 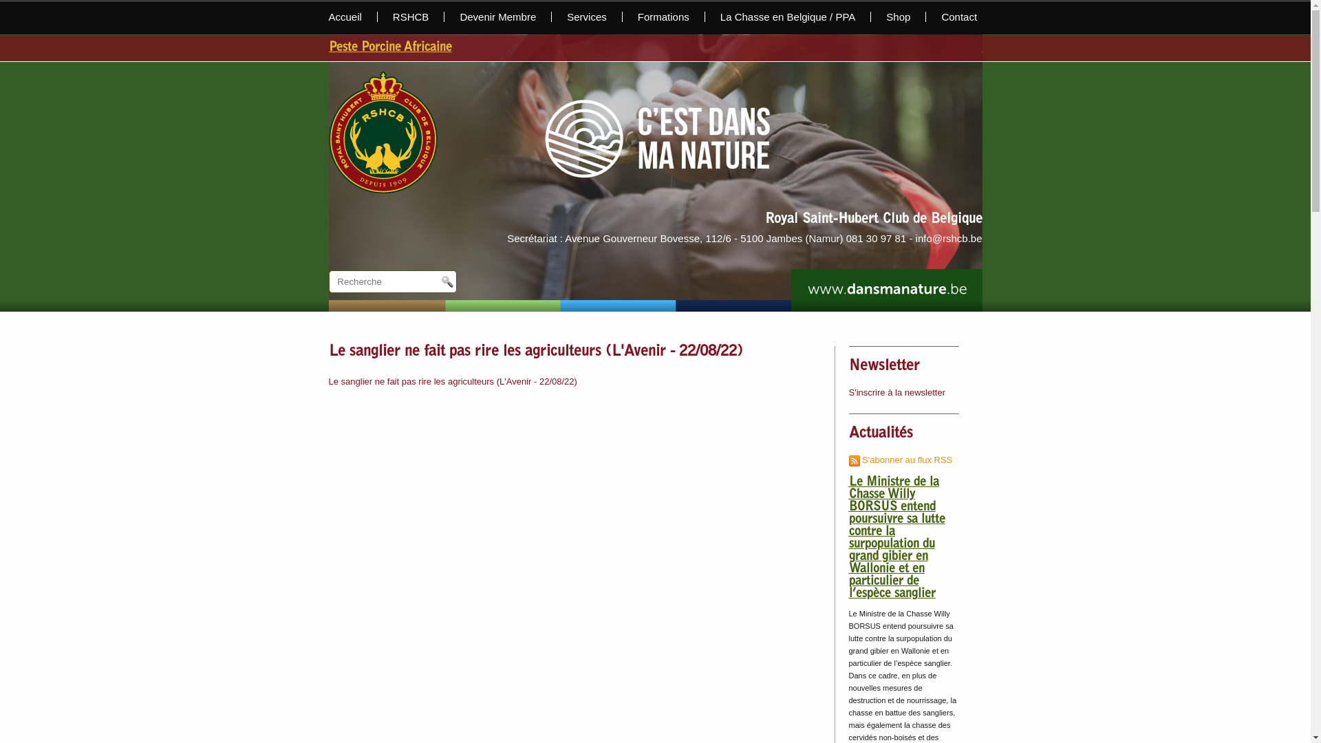 I want to click on 'RSHCB', so click(x=411, y=17).